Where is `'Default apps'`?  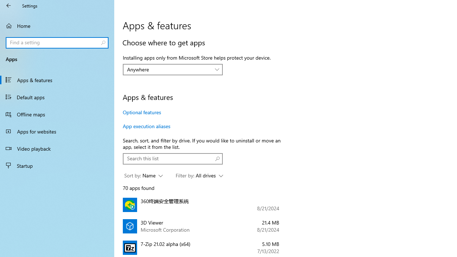 'Default apps' is located at coordinates (57, 97).